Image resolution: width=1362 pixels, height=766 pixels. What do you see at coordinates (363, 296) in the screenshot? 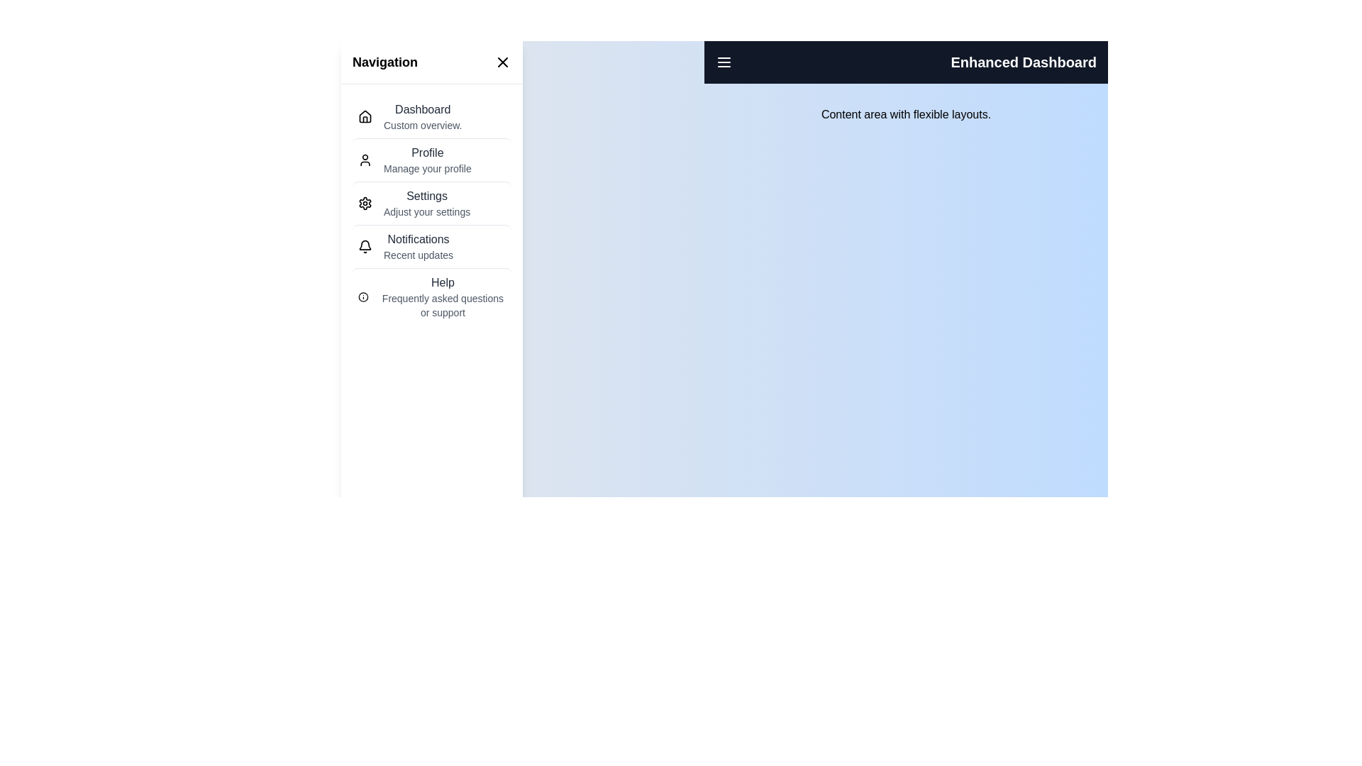
I see `the icon representing the 'Help' section in the vertical navigation list to receive visual feedback` at bounding box center [363, 296].